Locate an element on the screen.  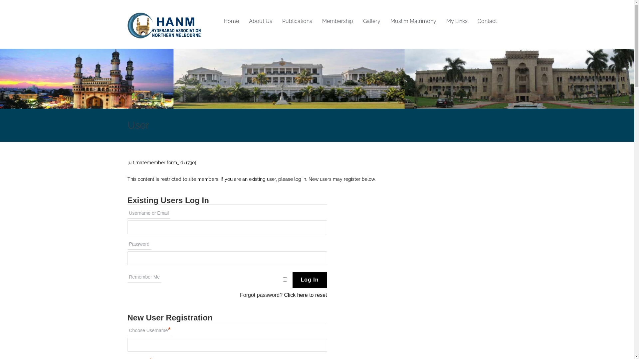
'Muslim Matrimony' is located at coordinates (413, 21).